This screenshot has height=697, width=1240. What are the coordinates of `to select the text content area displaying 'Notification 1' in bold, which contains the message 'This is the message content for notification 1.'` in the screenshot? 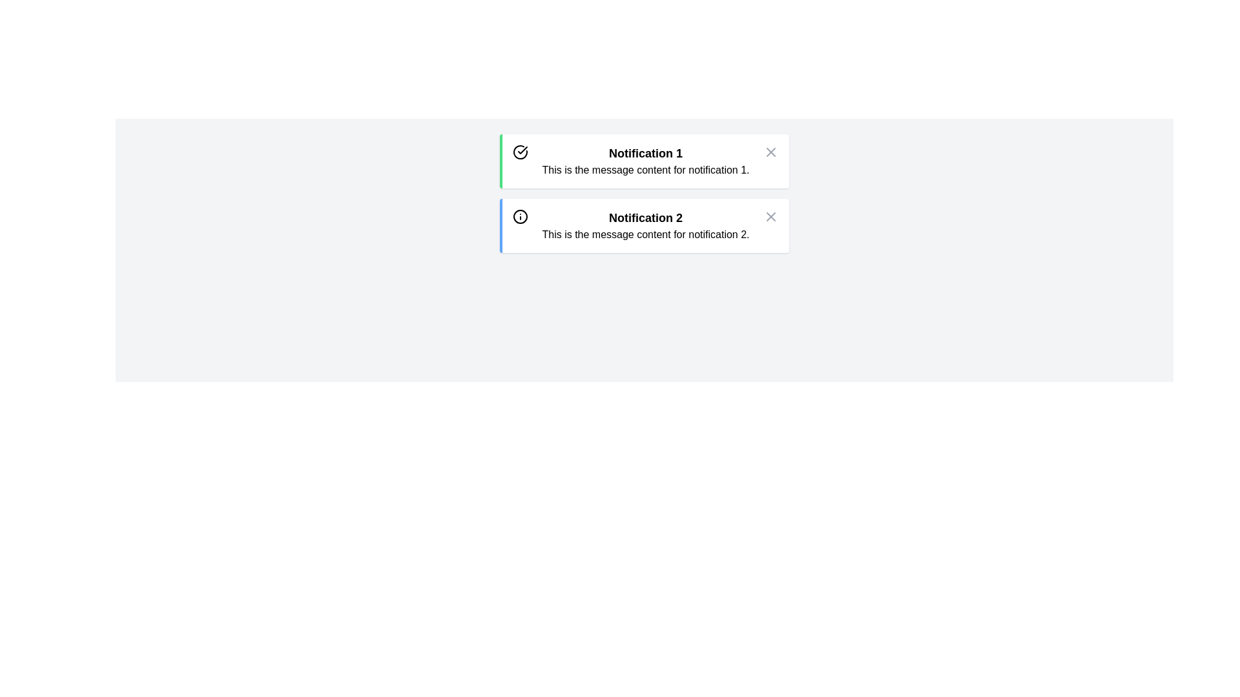 It's located at (645, 161).